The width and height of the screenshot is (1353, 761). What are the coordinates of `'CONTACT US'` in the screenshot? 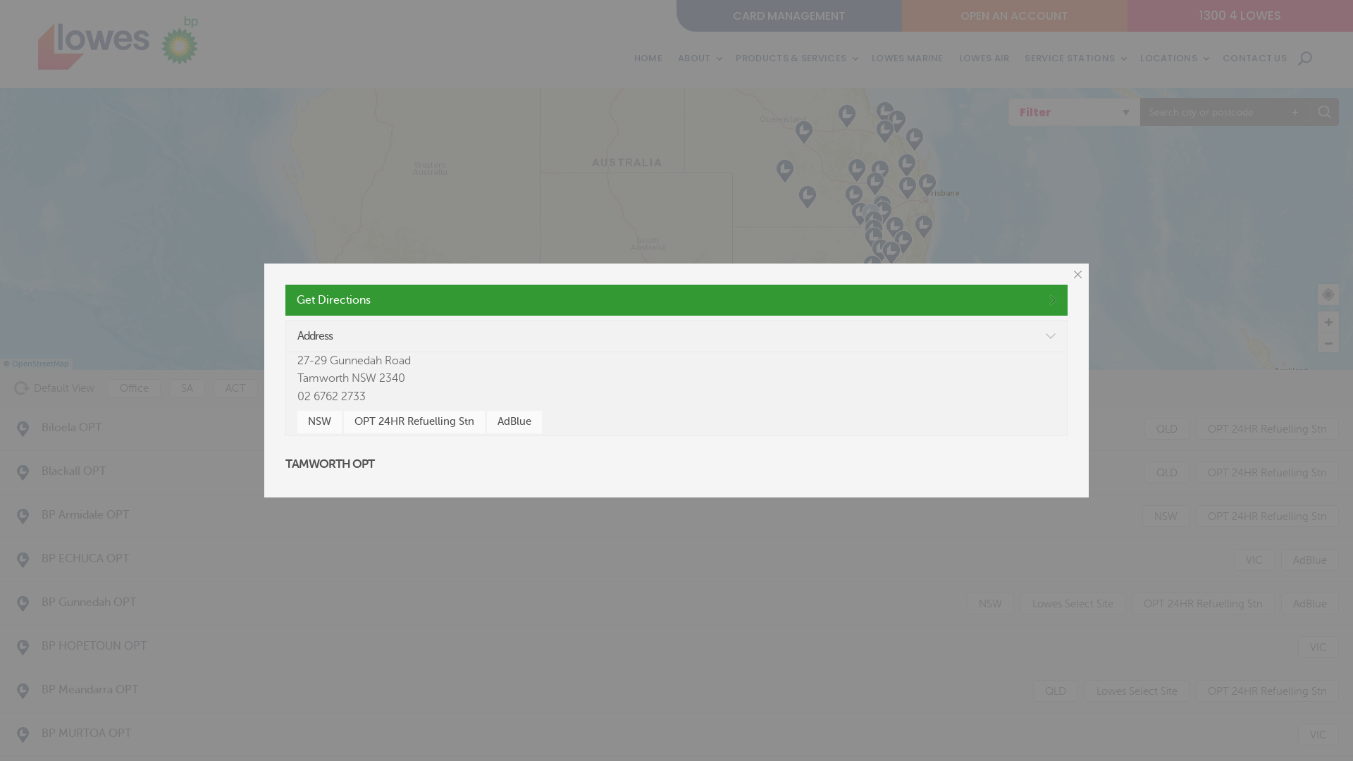 It's located at (1254, 58).